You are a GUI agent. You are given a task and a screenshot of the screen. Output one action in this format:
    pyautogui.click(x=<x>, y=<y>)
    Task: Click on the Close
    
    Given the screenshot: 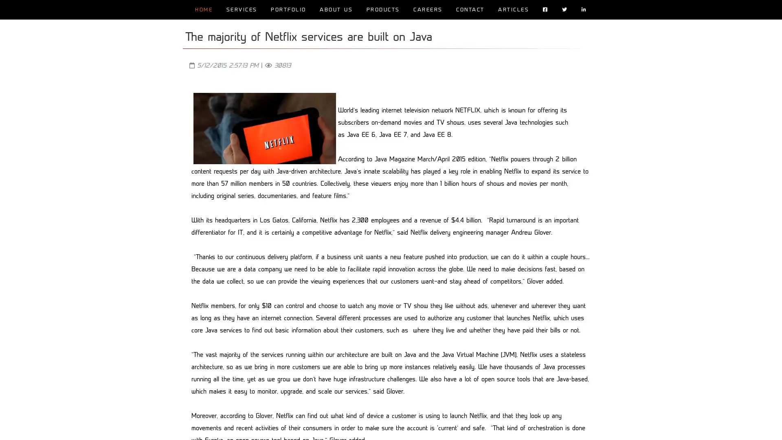 What is the action you would take?
    pyautogui.click(x=506, y=427)
    